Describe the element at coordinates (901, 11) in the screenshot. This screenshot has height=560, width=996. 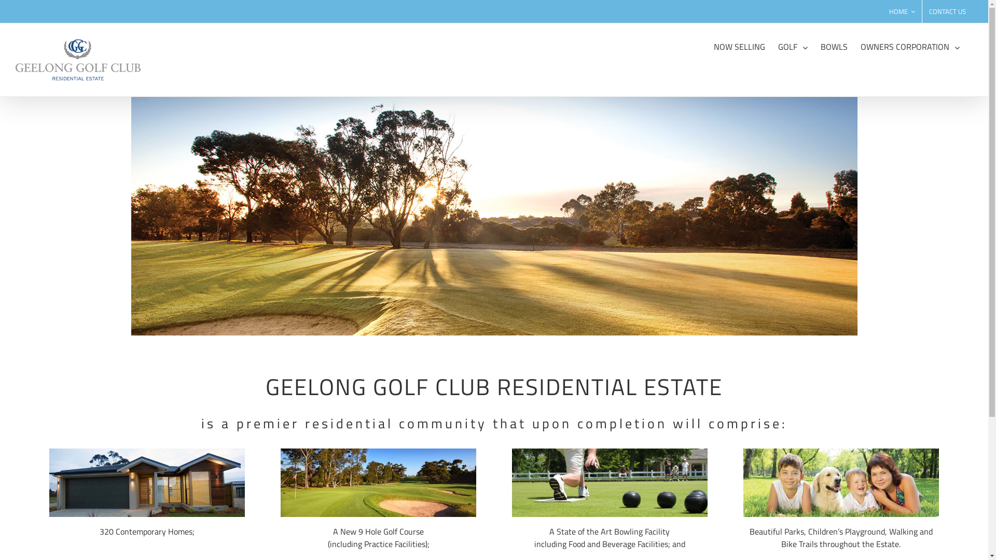
I see `'HOME'` at that location.